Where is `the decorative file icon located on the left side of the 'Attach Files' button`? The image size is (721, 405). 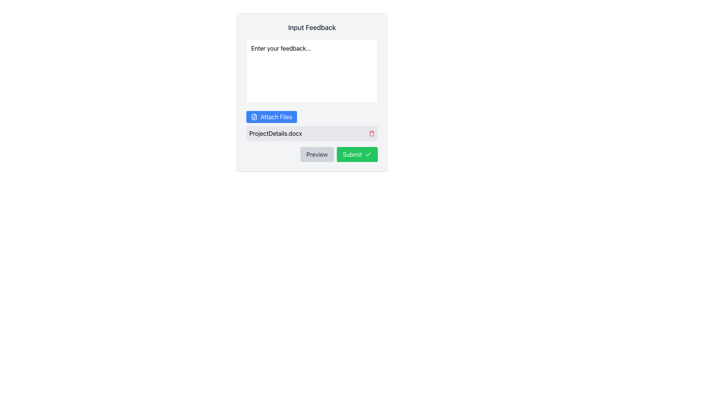 the decorative file icon located on the left side of the 'Attach Files' button is located at coordinates (254, 117).